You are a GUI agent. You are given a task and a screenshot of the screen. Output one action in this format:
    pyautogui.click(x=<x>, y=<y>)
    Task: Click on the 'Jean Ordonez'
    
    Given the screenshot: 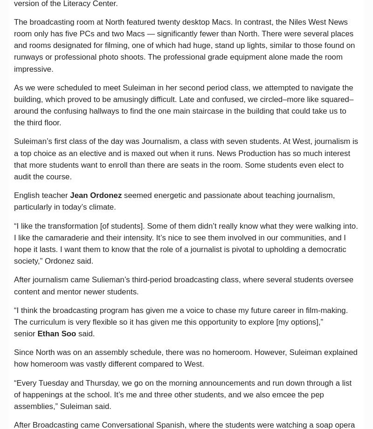 What is the action you would take?
    pyautogui.click(x=97, y=195)
    